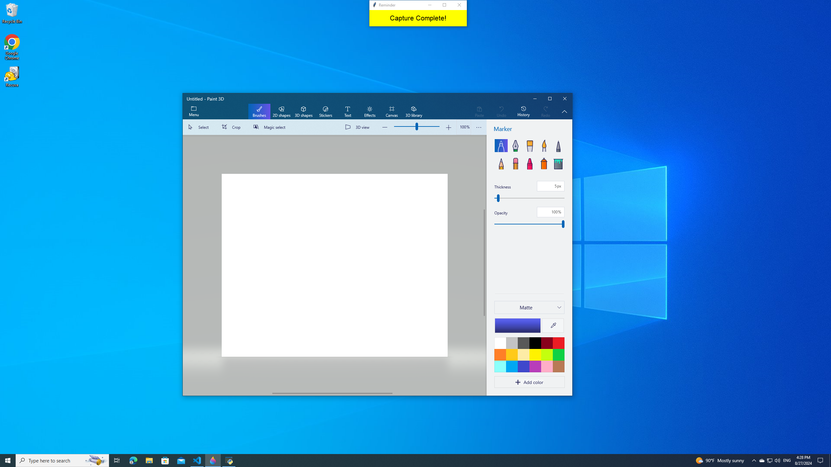 The image size is (831, 467). Describe the element at coordinates (358, 127) in the screenshot. I see `'3D view'` at that location.